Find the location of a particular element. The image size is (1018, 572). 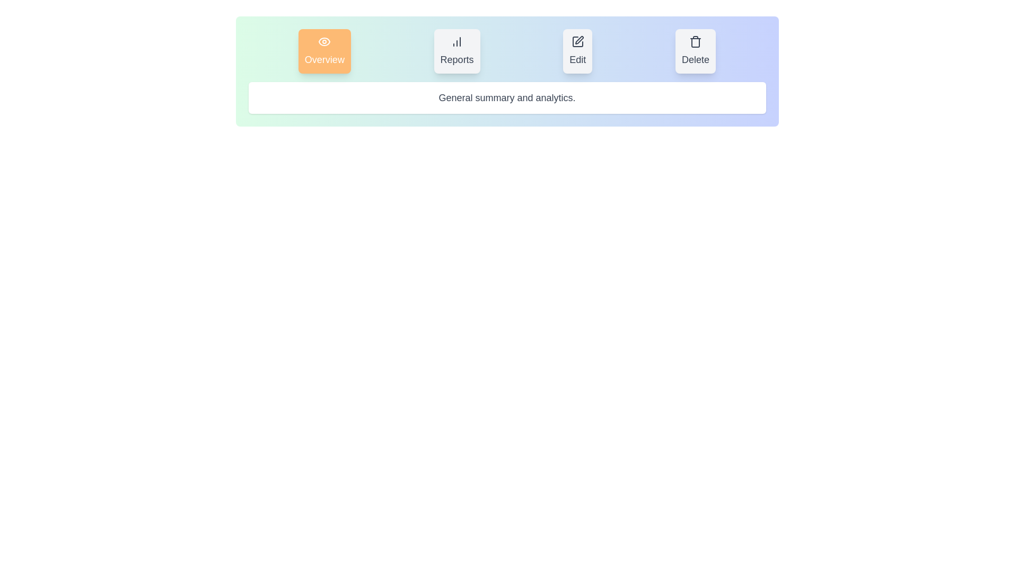

the button labeled Delete to observe its hover effect is located at coordinates (696, 51).